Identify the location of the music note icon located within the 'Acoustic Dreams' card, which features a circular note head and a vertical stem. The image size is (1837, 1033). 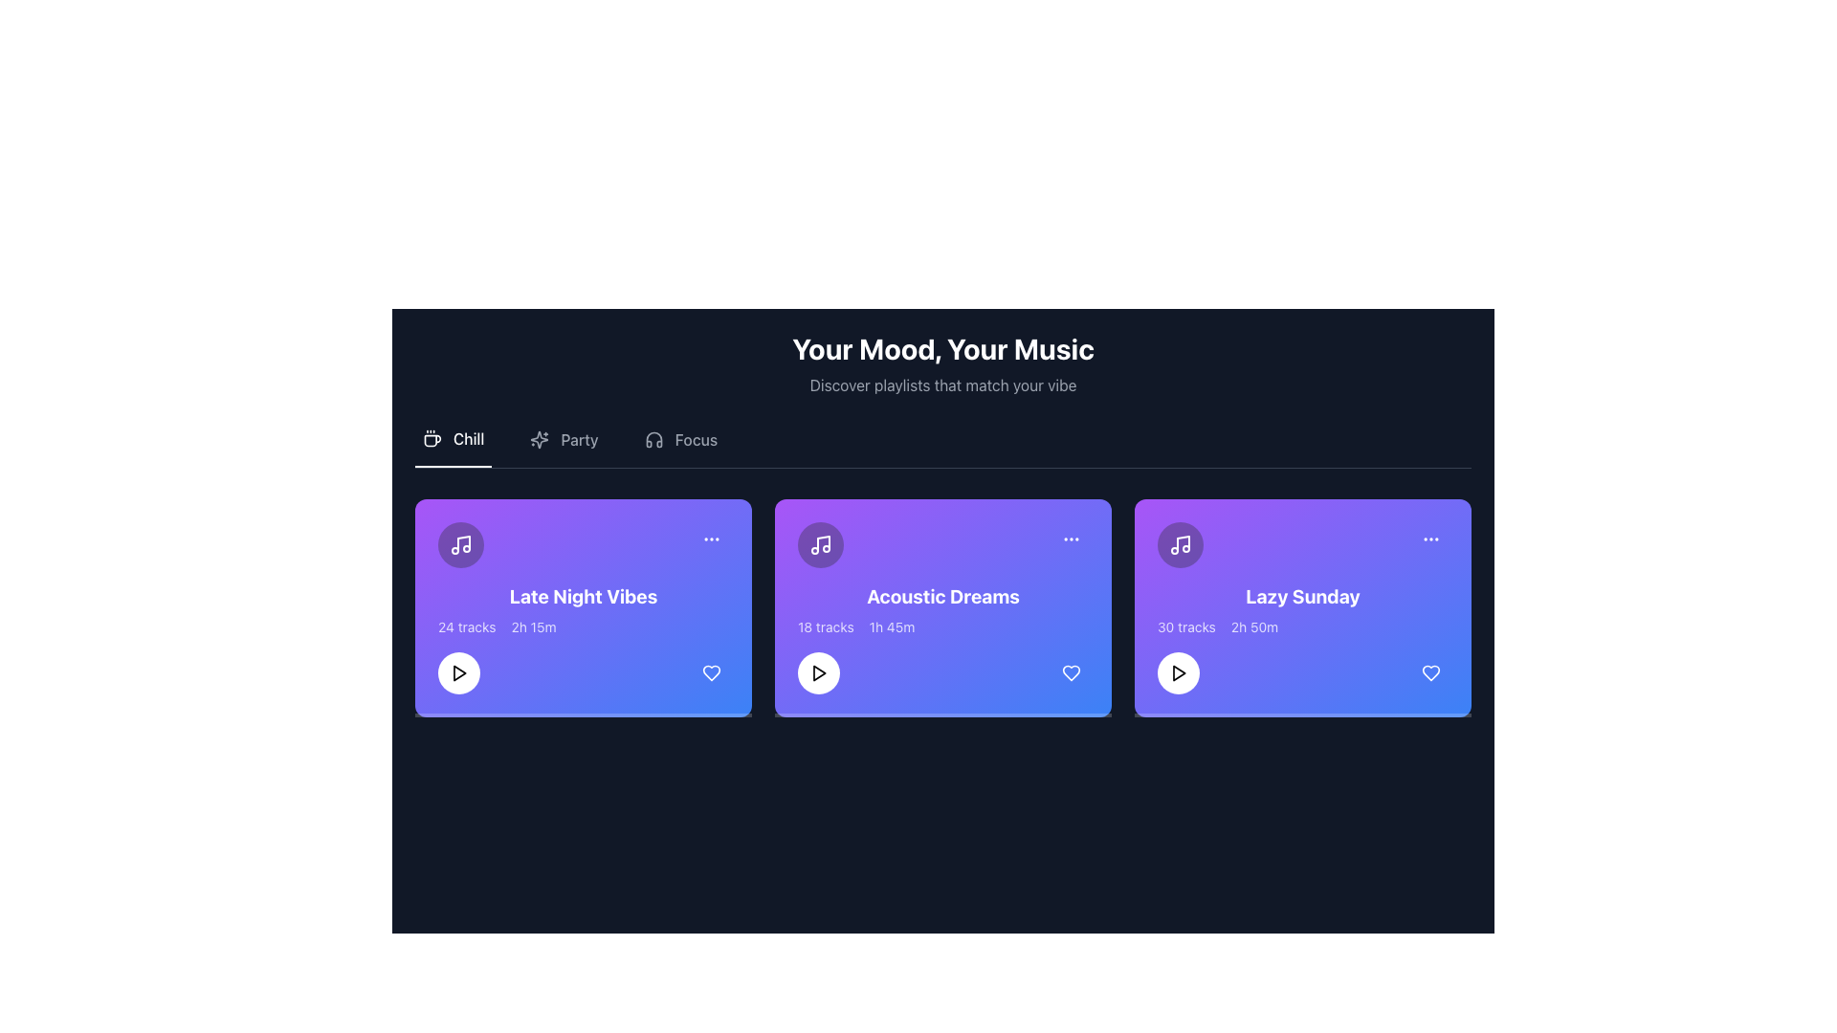
(821, 545).